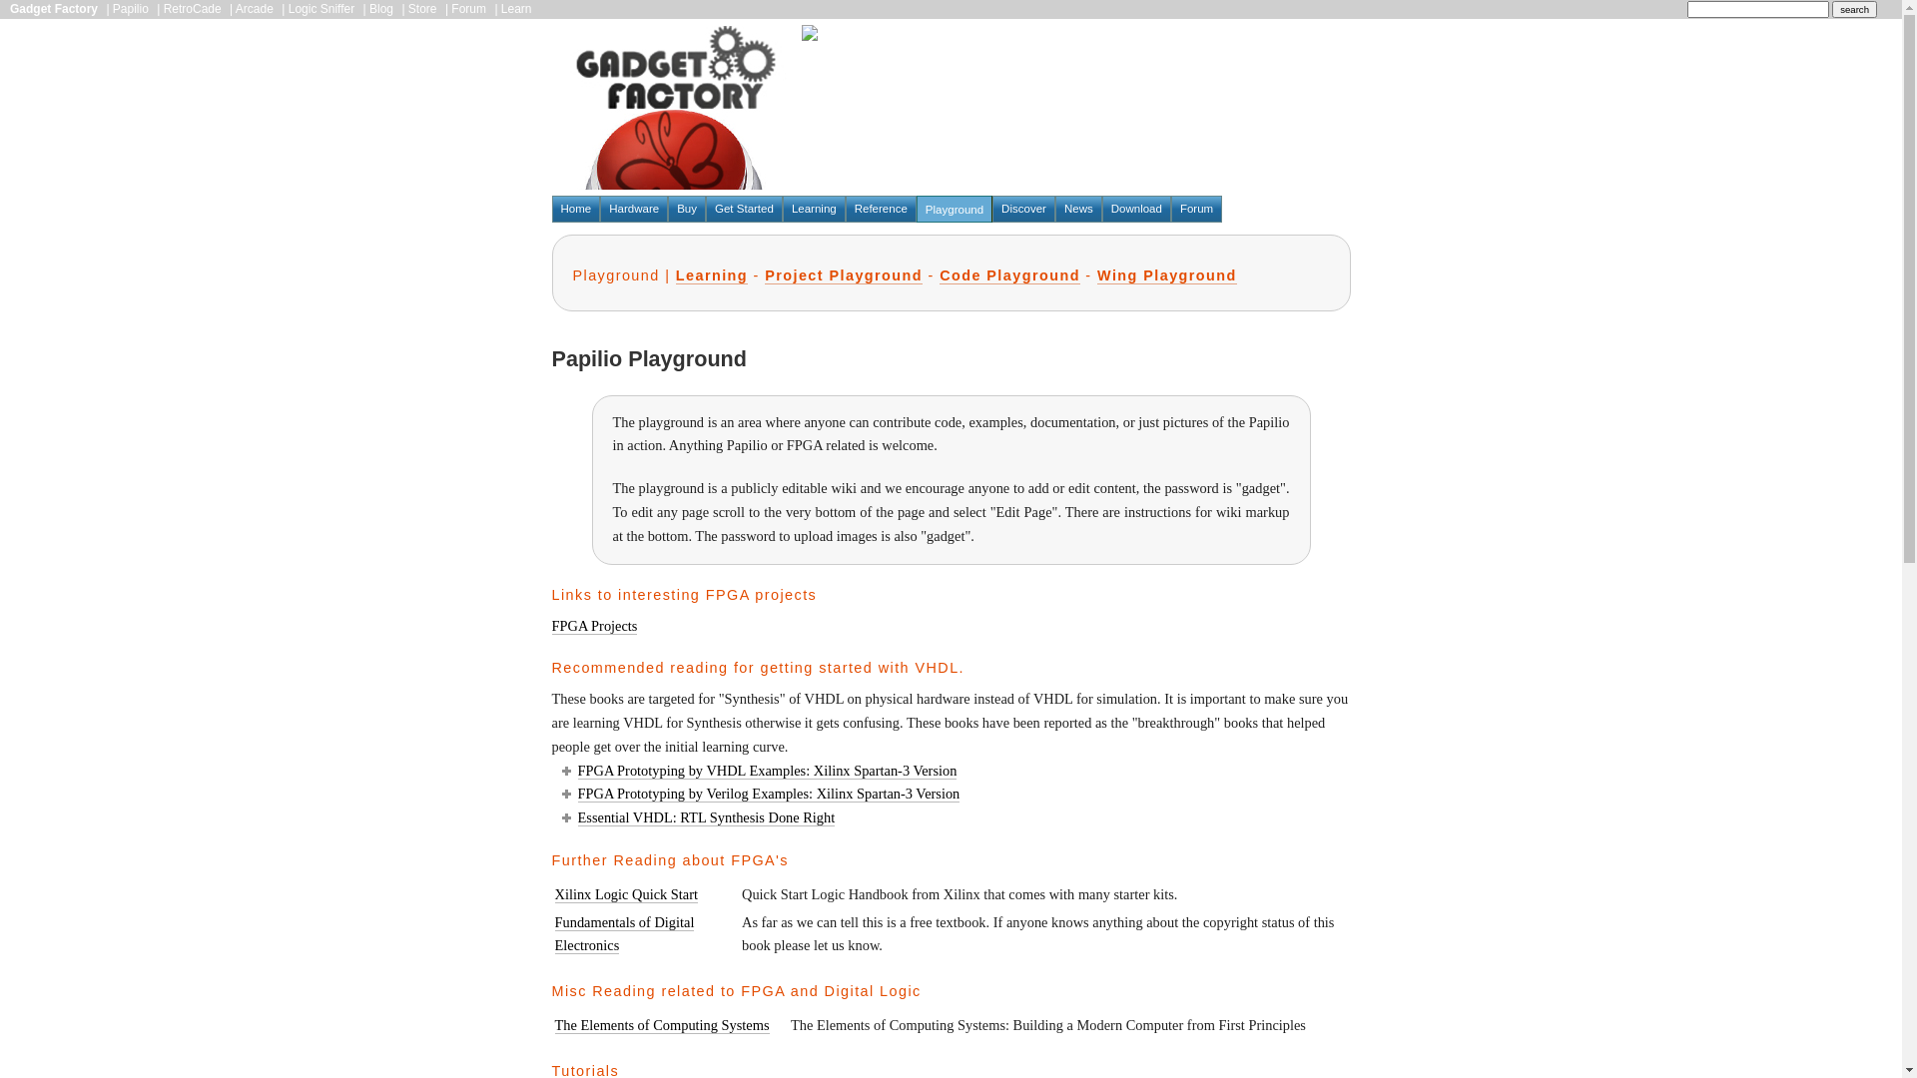 Image resolution: width=1917 pixels, height=1078 pixels. I want to click on 'News', so click(1077, 209).